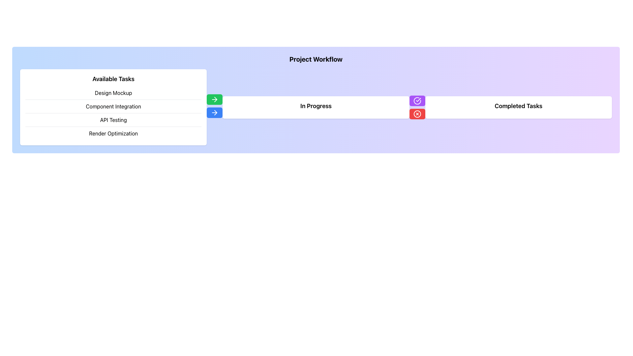 Image resolution: width=633 pixels, height=356 pixels. What do you see at coordinates (417, 101) in the screenshot?
I see `the completion SVG-icon located in the second column of the workflow interface under the 'In Progress' section` at bounding box center [417, 101].